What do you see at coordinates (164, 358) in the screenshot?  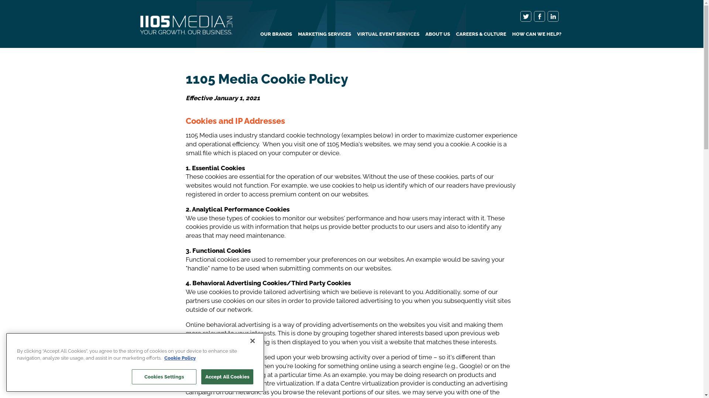 I see `'Cookie Policy'` at bounding box center [164, 358].